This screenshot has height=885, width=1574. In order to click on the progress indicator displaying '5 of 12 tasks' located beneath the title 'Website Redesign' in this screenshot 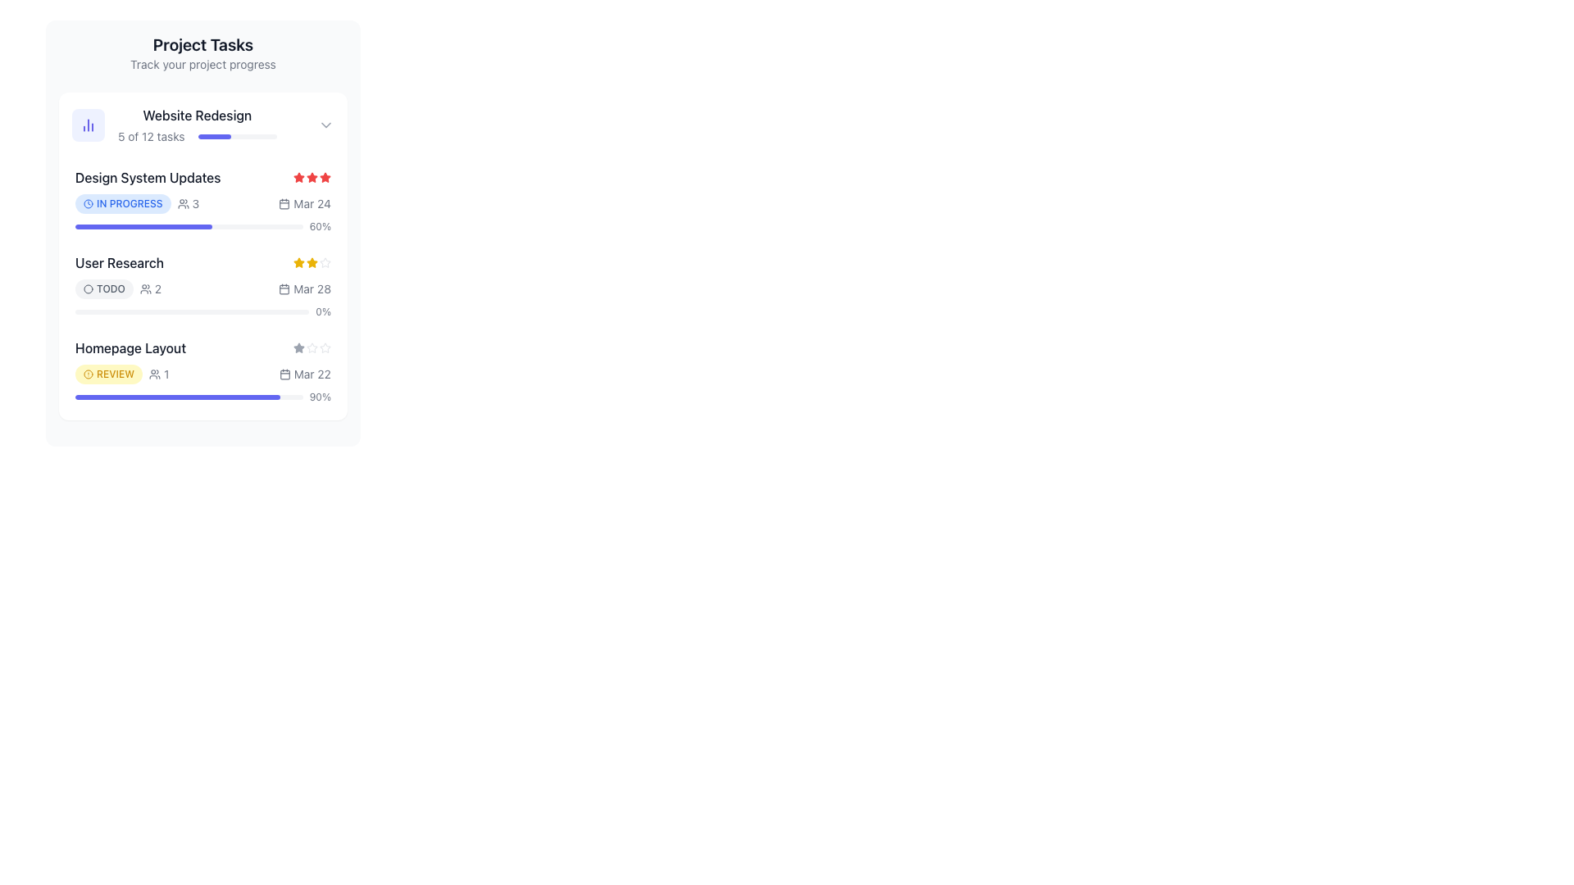, I will do `click(197, 135)`.